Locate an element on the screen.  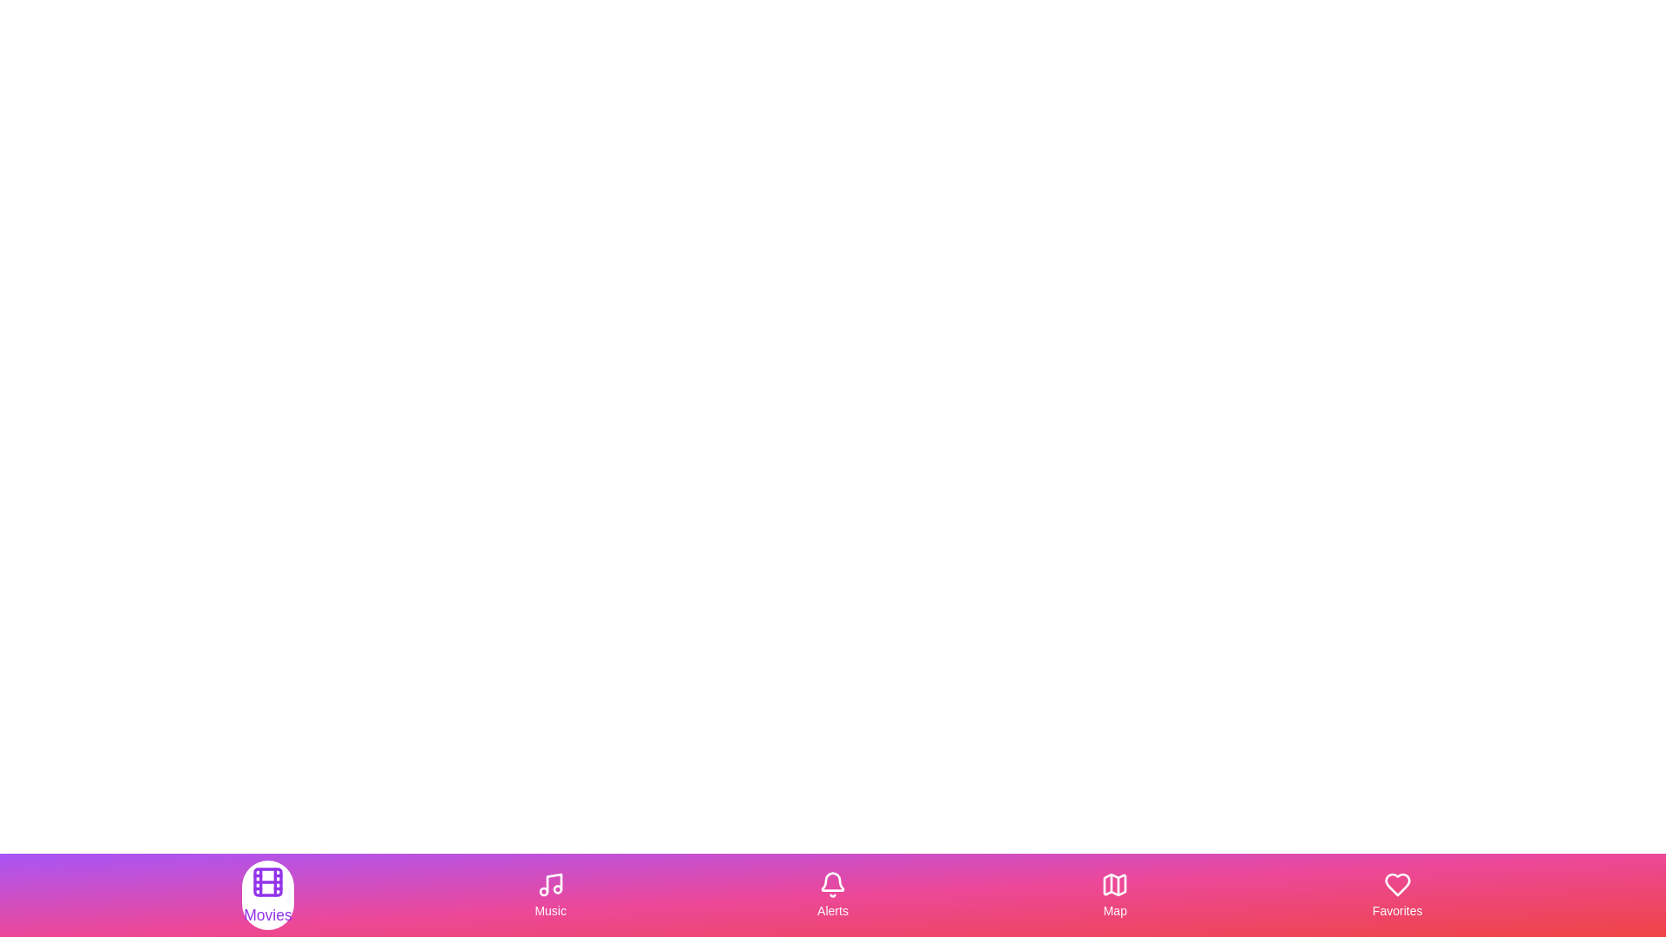
the tab labeled Alerts in the MultimediaBottomNavigation component is located at coordinates (833, 895).